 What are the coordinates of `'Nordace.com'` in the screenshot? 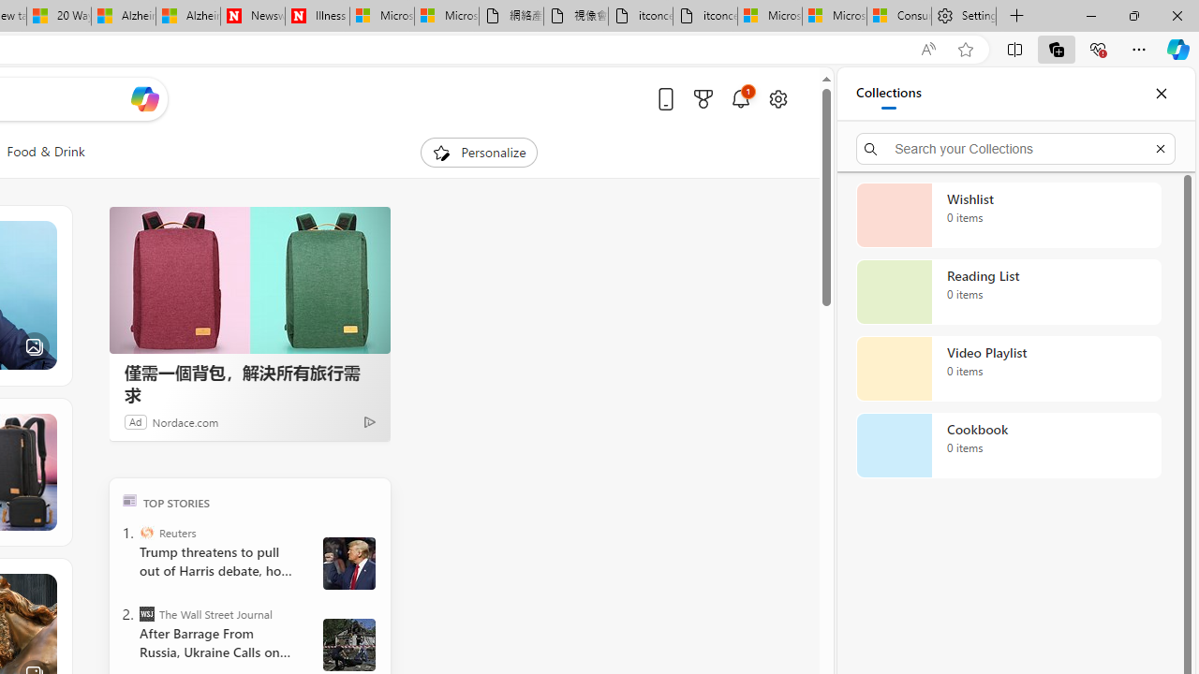 It's located at (185, 421).